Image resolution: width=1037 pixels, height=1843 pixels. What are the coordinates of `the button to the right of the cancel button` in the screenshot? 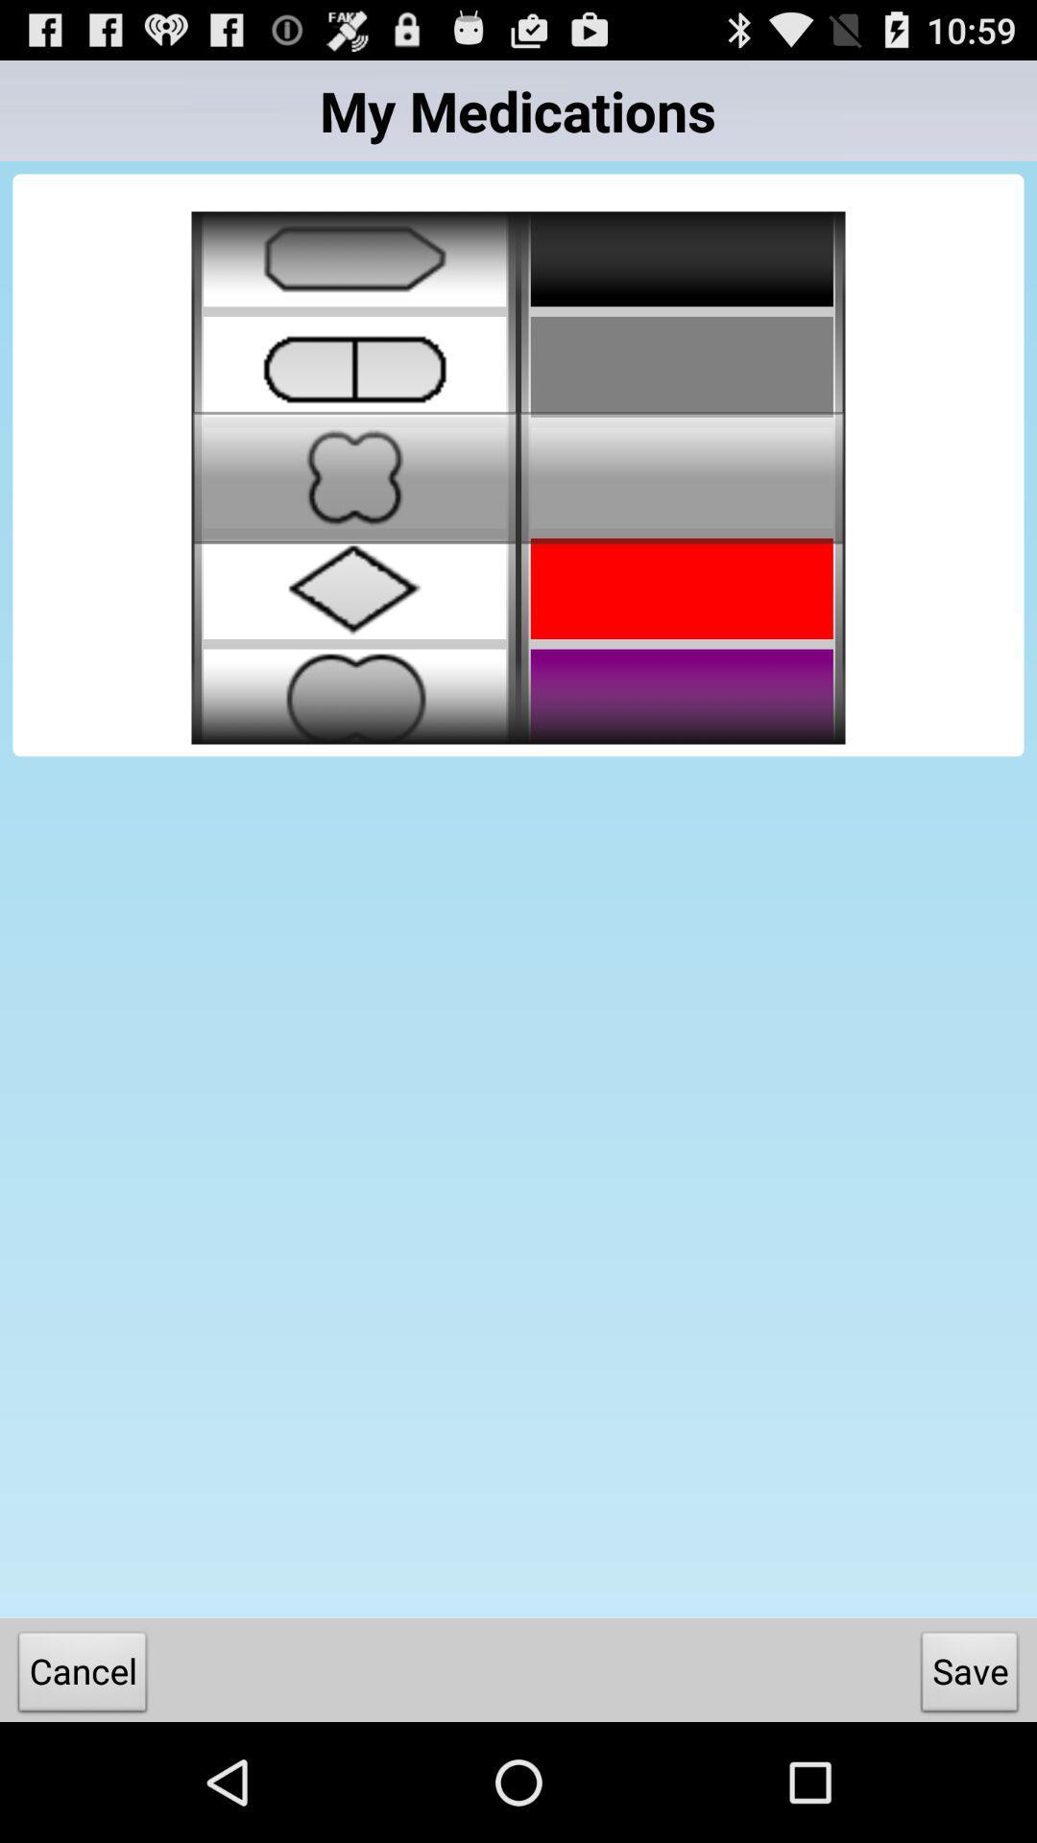 It's located at (970, 1675).